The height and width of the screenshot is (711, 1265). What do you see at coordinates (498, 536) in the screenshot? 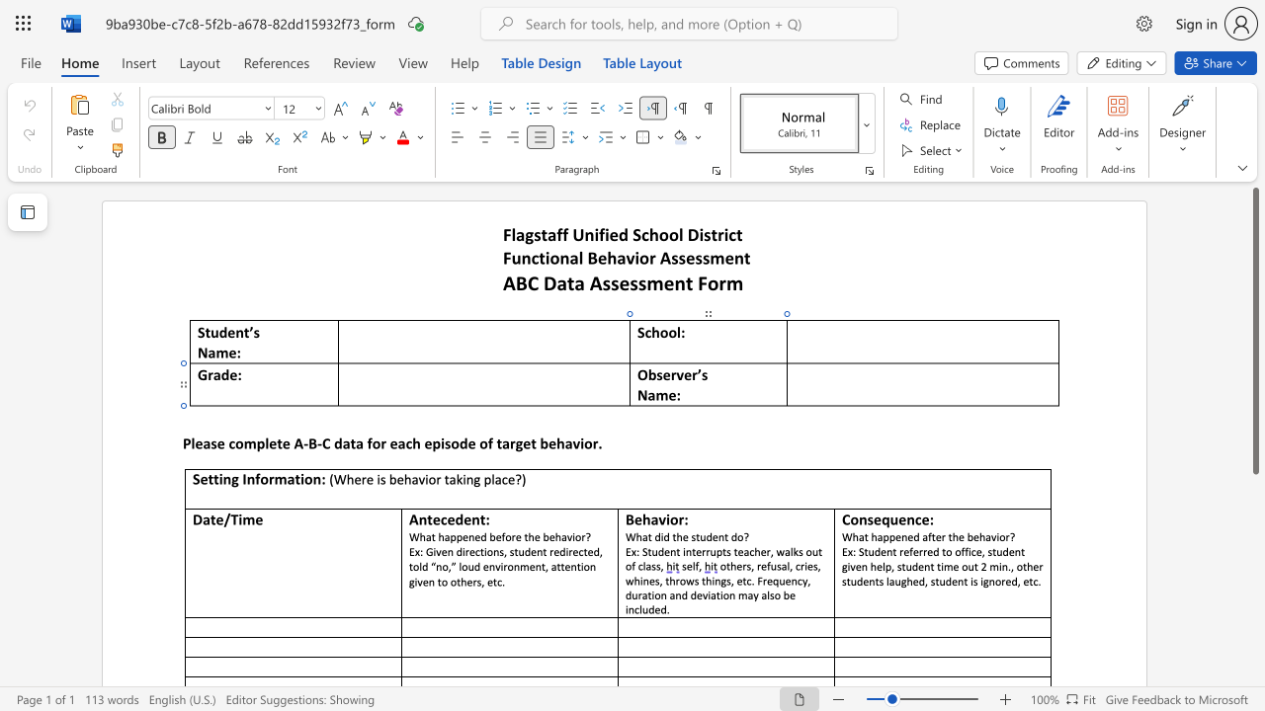
I see `the 3th character "e" in the text` at bounding box center [498, 536].